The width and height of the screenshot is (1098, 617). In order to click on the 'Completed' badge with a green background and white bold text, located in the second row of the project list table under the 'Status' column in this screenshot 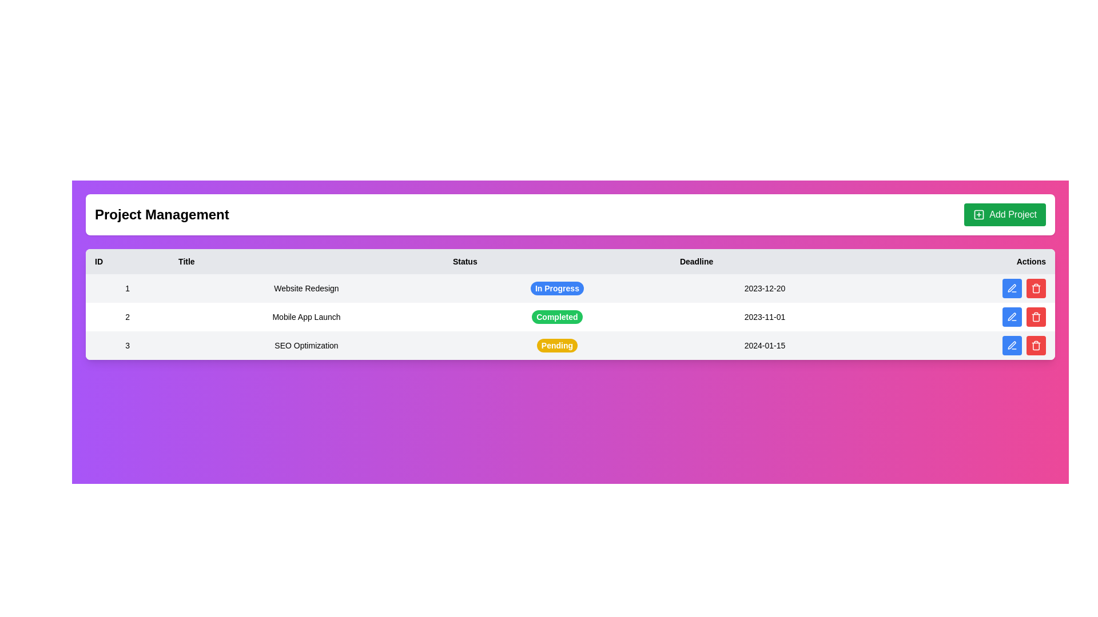, I will do `click(557, 317)`.